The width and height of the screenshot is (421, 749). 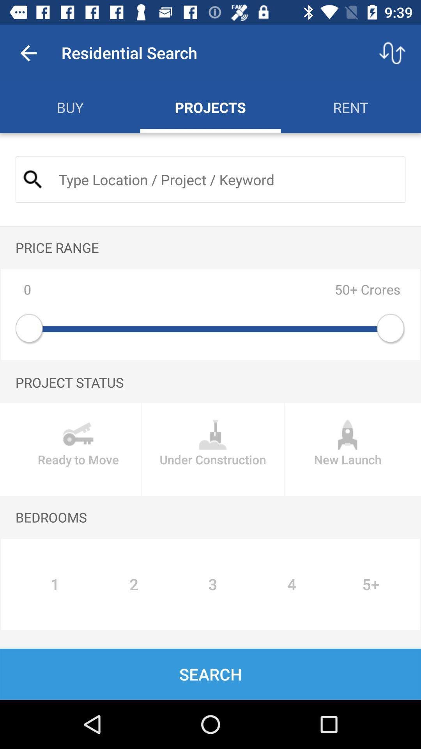 I want to click on app to the left of residential search, so click(x=28, y=53).